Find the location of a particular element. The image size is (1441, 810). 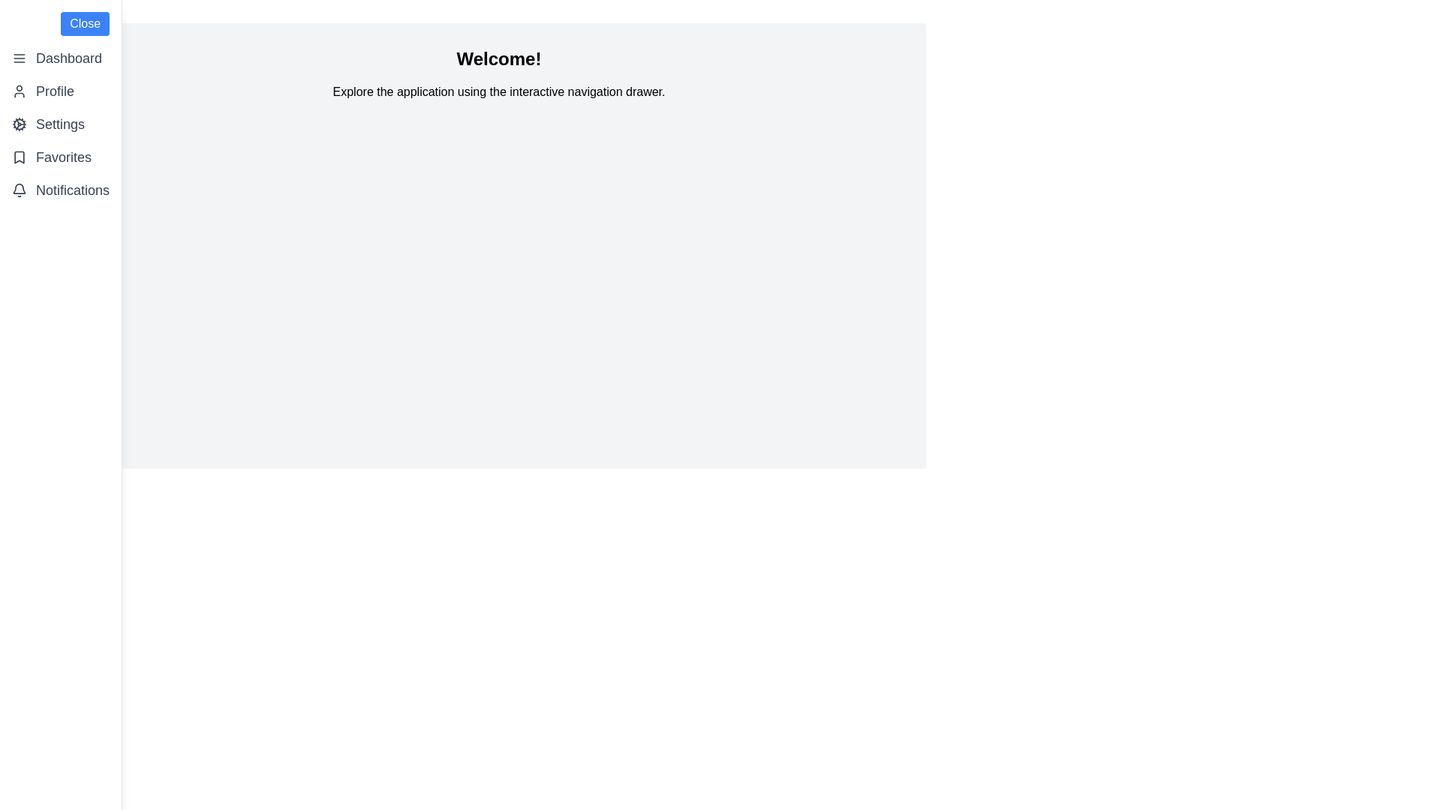

the navigation item Dashboard is located at coordinates (60, 57).